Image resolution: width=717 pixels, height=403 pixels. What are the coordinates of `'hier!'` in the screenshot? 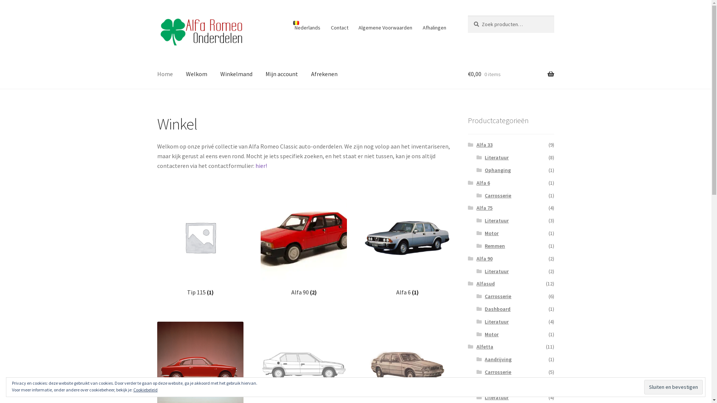 It's located at (261, 165).